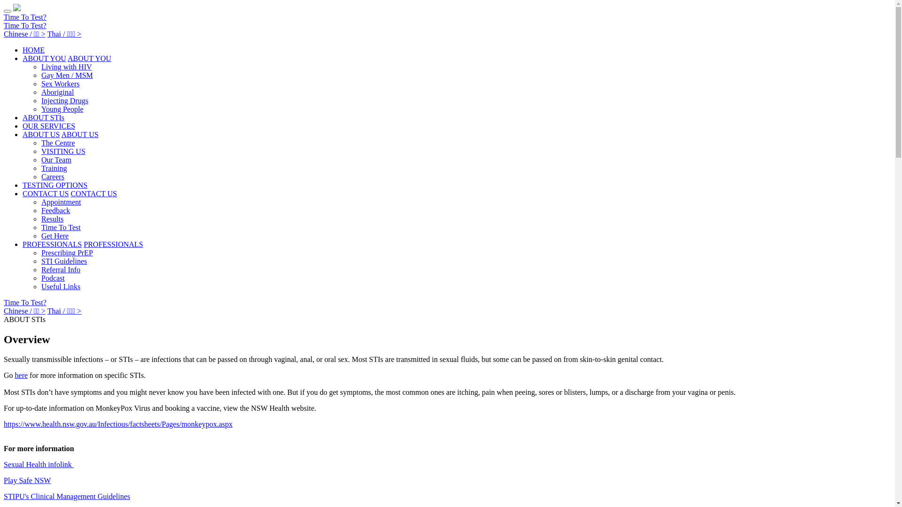  What do you see at coordinates (44, 58) in the screenshot?
I see `'ABOUT YOU'` at bounding box center [44, 58].